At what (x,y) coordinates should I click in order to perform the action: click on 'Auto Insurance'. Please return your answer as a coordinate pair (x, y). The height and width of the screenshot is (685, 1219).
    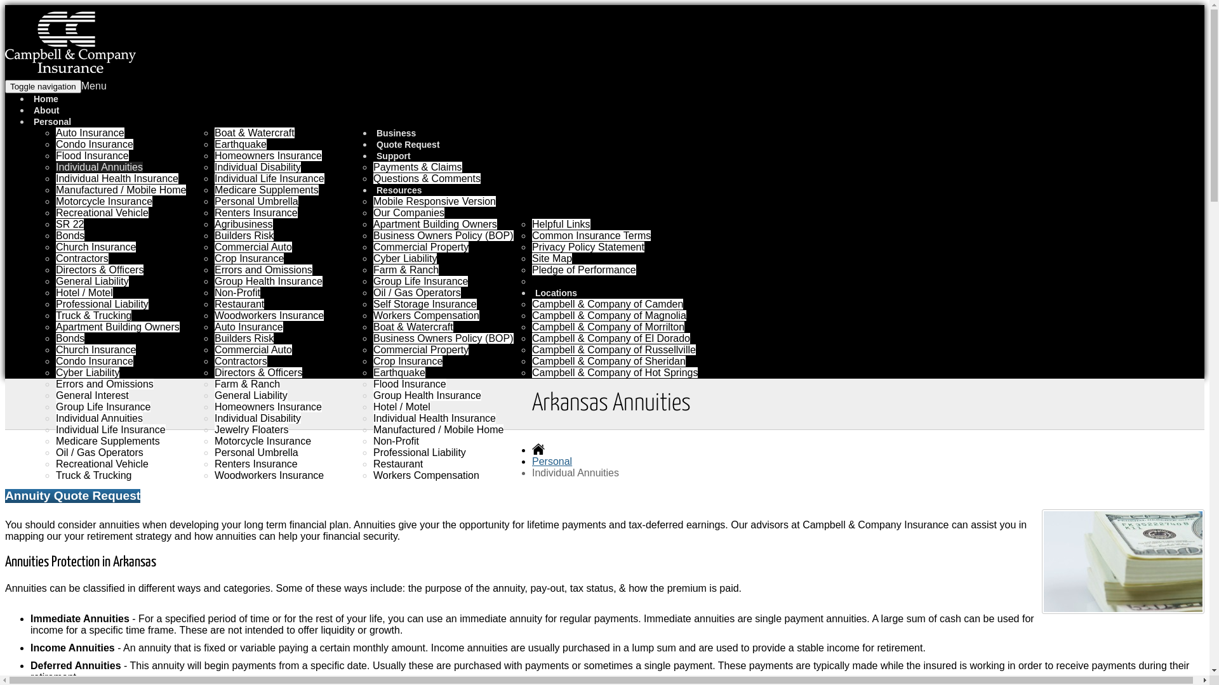
    Looking at the image, I should click on (55, 133).